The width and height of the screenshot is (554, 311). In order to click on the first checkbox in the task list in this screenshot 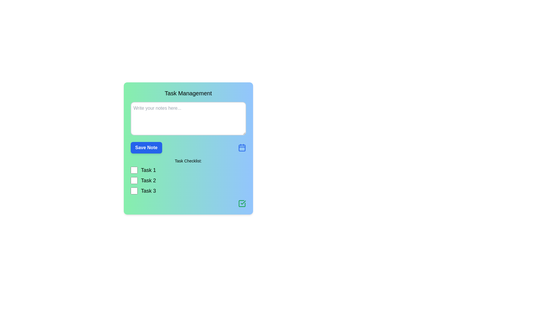, I will do `click(134, 170)`.